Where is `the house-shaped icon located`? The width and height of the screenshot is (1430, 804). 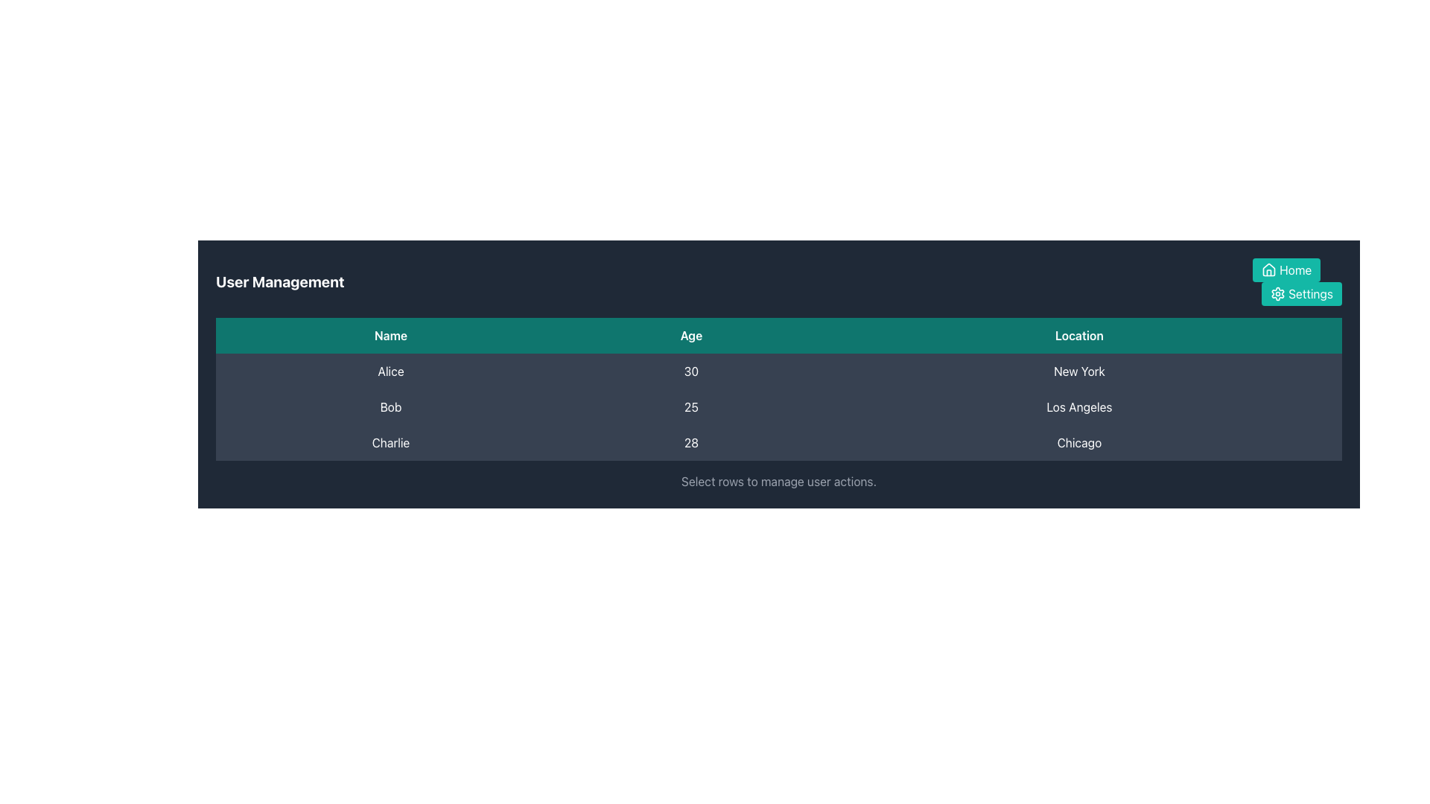
the house-shaped icon located is located at coordinates (1268, 269).